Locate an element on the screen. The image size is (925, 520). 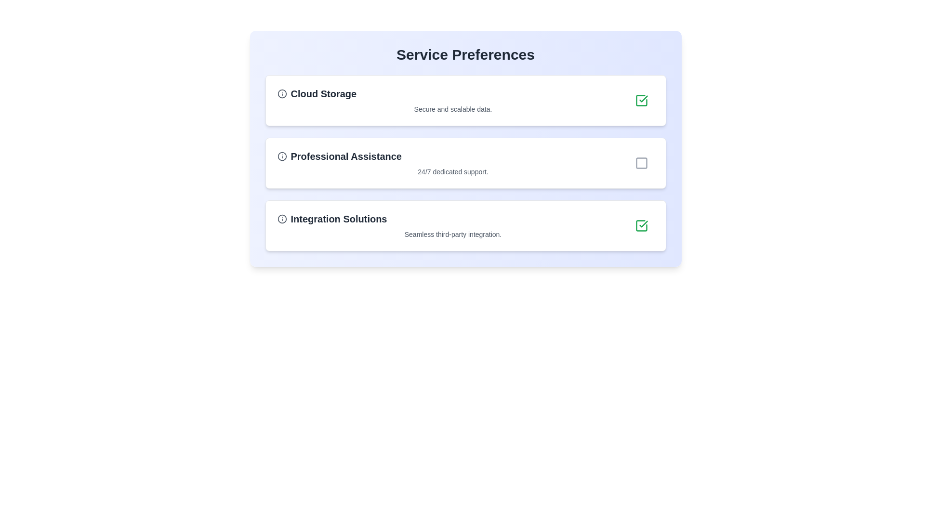
the Text Label that describes a feature or benefit associated with the 'Professional Assistance' category located in the 'Service Preferences' section between Cloud Storage and Integration Solutions is located at coordinates (452, 171).